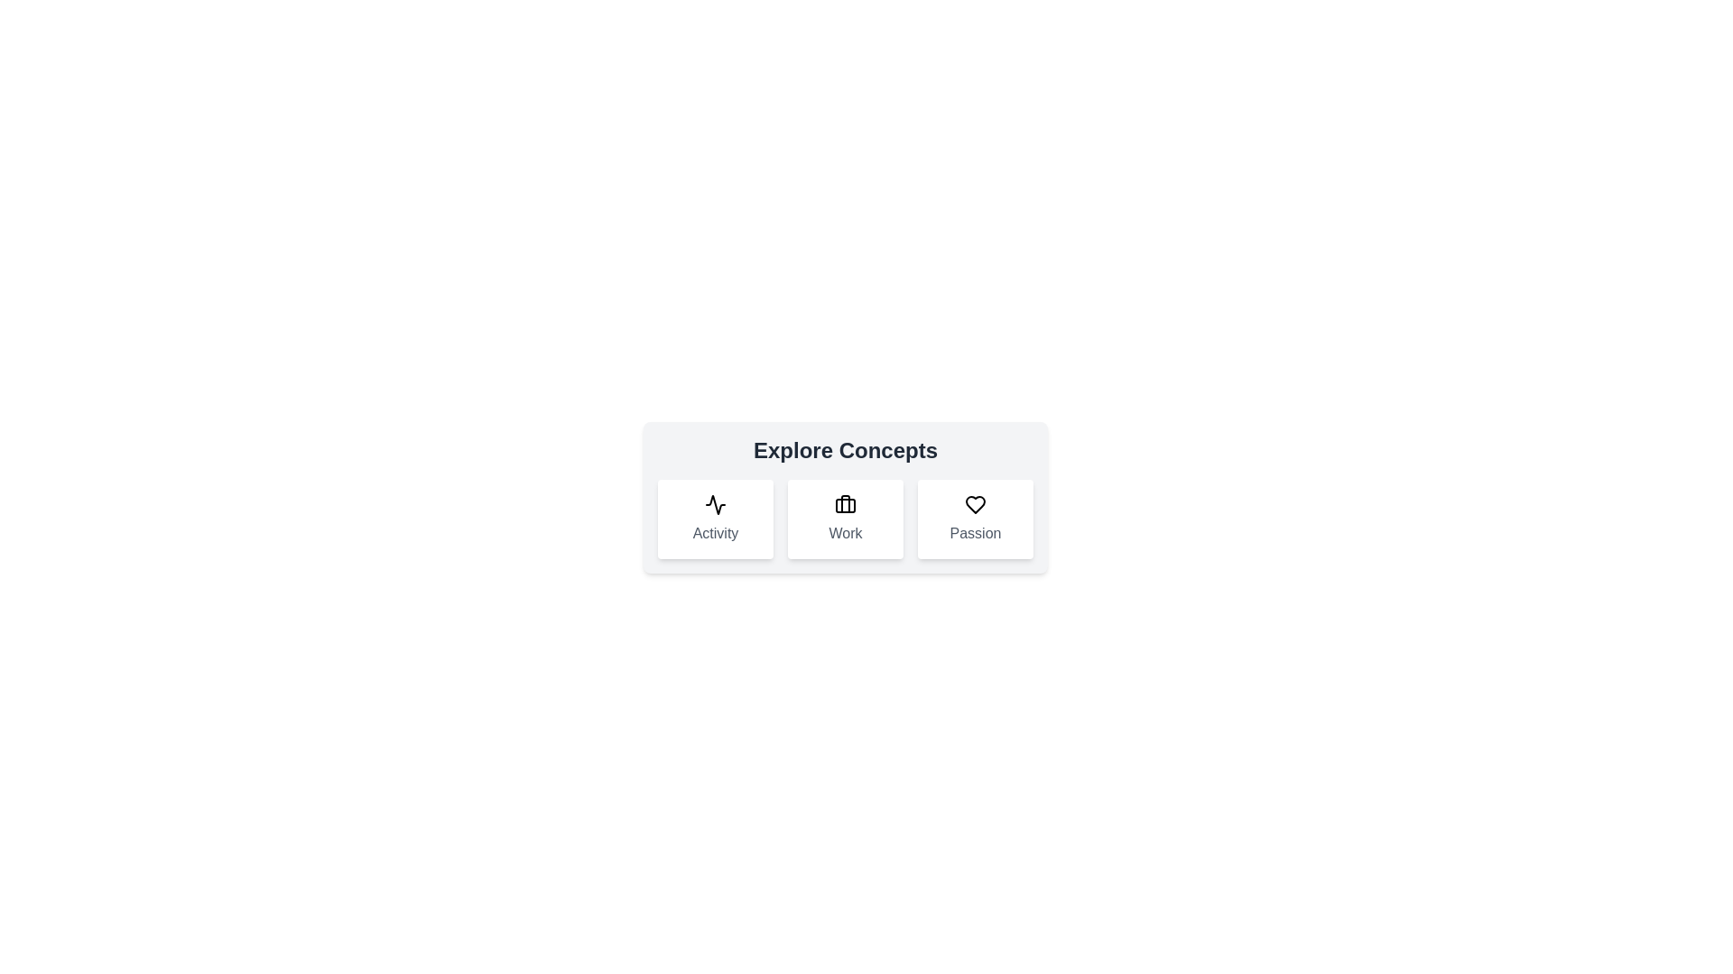  Describe the element at coordinates (974, 504) in the screenshot. I see `the central icon of the third box labeled 'Passion' under the header 'Explore Concepts'` at that location.